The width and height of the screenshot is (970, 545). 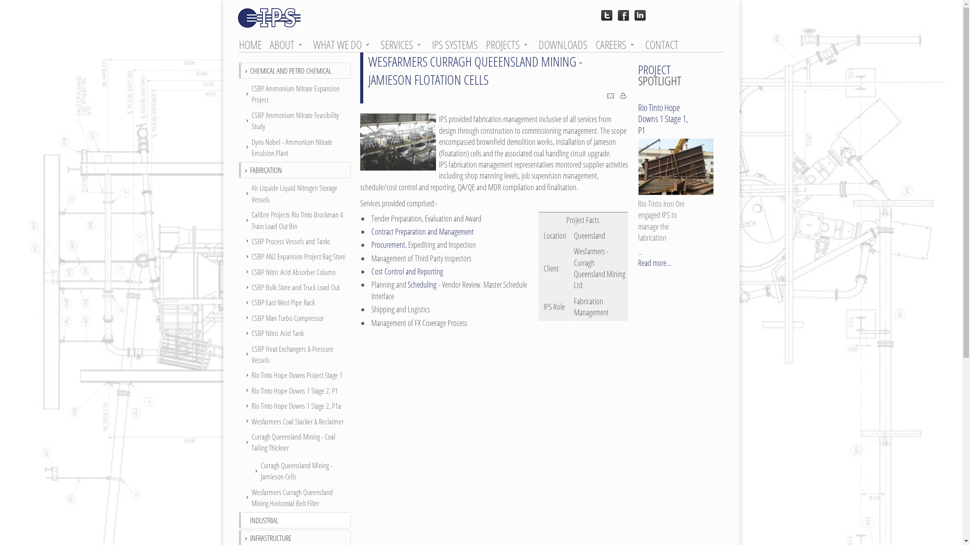 What do you see at coordinates (295, 120) in the screenshot?
I see `'CSBP Ammonium Nitrate Feasibility Study'` at bounding box center [295, 120].